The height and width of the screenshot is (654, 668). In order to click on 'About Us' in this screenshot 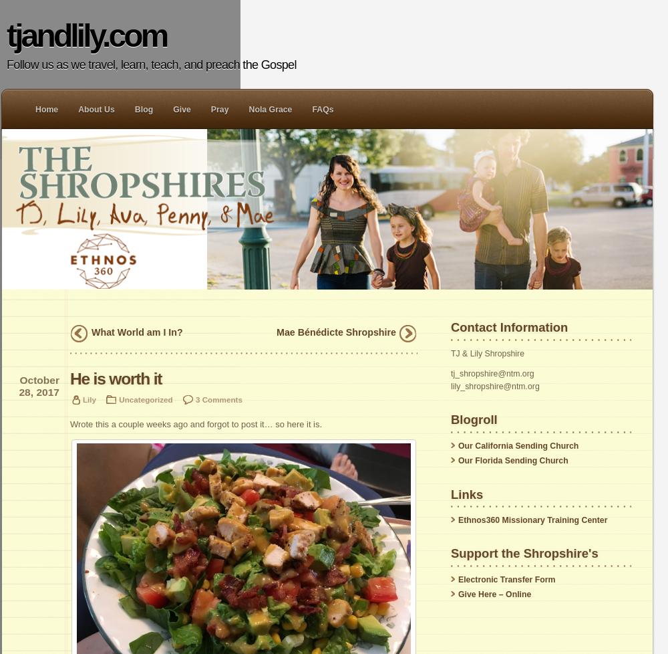, I will do `click(77, 110)`.